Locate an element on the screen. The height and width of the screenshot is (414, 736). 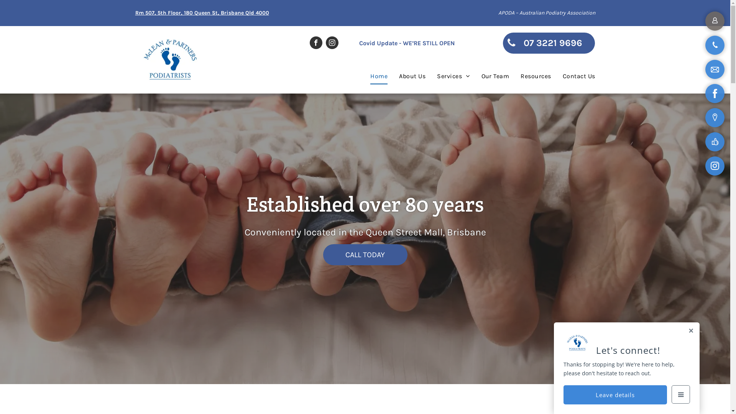
'Contact Us' is located at coordinates (573, 76).